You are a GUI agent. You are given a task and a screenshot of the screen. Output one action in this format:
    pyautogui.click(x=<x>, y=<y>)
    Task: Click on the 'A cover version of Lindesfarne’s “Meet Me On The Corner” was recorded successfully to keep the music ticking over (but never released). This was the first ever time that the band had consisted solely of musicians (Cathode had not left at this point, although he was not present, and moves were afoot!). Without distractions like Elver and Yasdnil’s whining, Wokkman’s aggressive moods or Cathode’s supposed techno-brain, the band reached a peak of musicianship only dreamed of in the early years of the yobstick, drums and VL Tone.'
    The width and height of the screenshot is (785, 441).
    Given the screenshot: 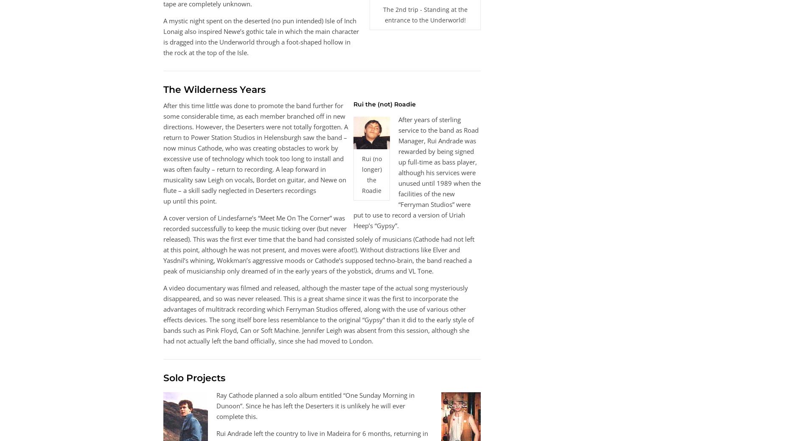 What is the action you would take?
    pyautogui.click(x=319, y=244)
    